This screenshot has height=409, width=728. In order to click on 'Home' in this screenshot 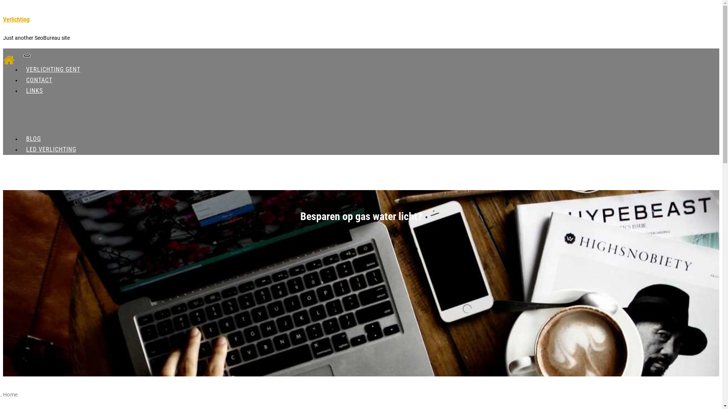, I will do `click(10, 394)`.